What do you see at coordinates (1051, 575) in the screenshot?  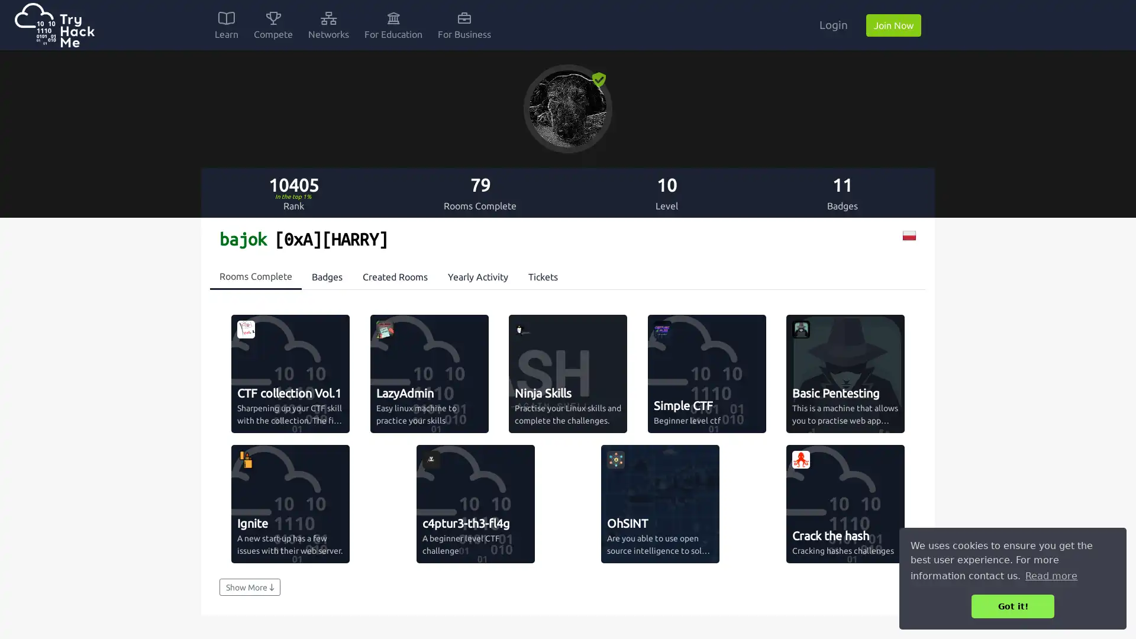 I see `learn more about cookies` at bounding box center [1051, 575].